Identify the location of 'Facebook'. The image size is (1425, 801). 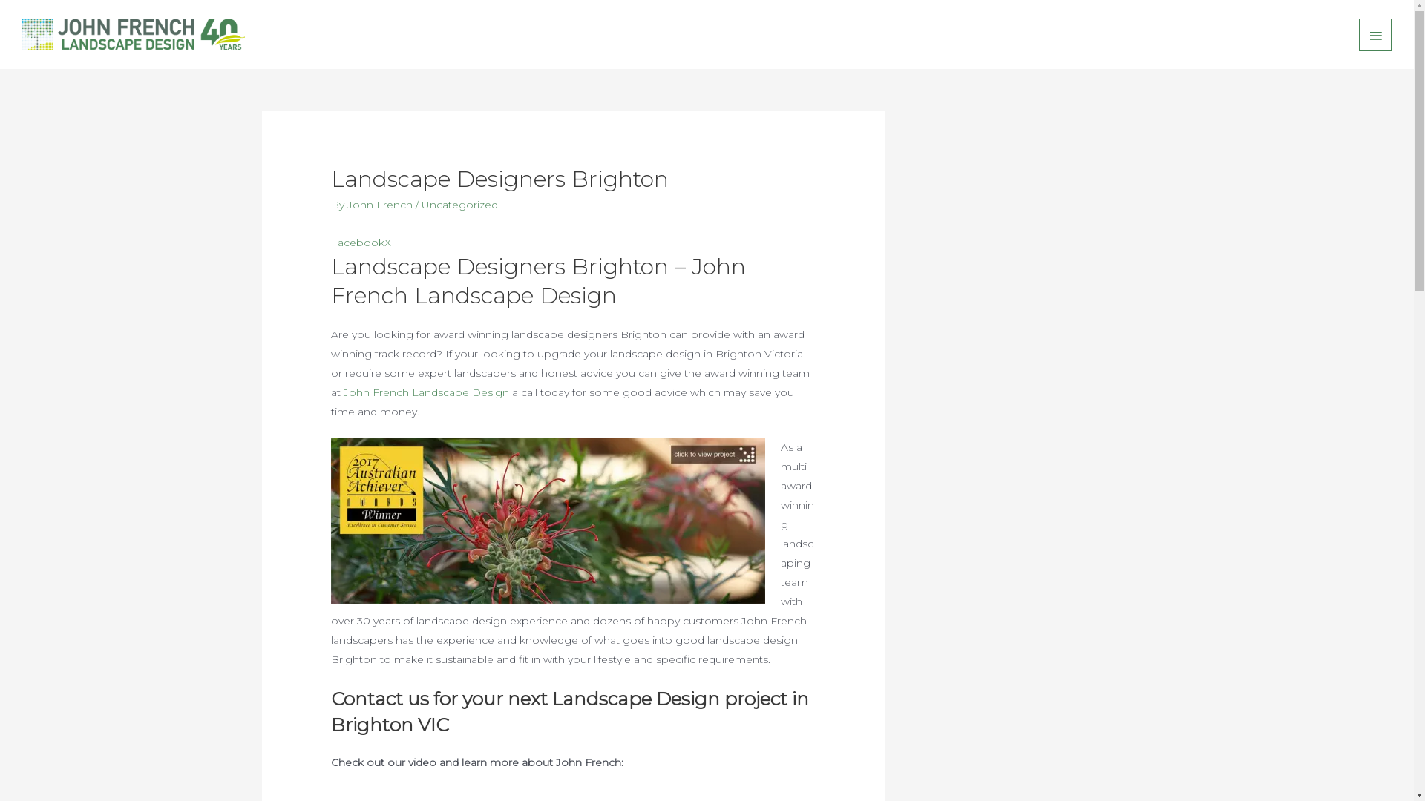
(357, 242).